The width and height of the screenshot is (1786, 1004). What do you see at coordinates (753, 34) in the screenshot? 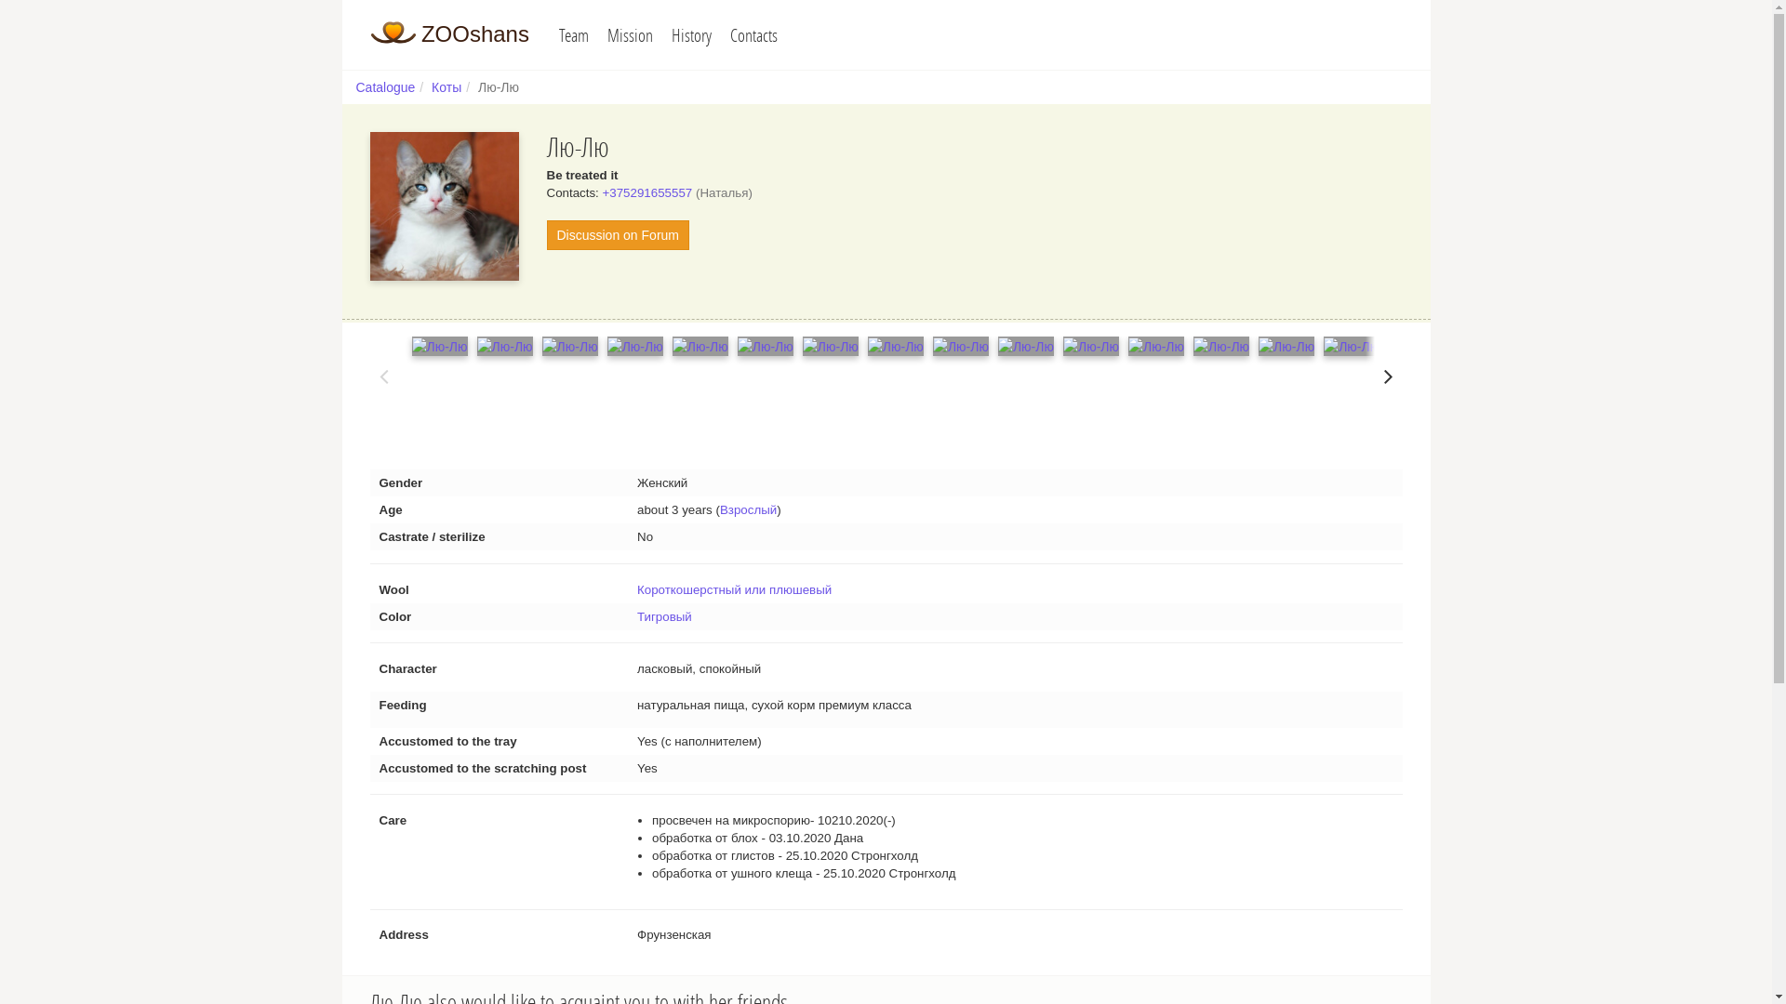
I see `'Contacts'` at bounding box center [753, 34].